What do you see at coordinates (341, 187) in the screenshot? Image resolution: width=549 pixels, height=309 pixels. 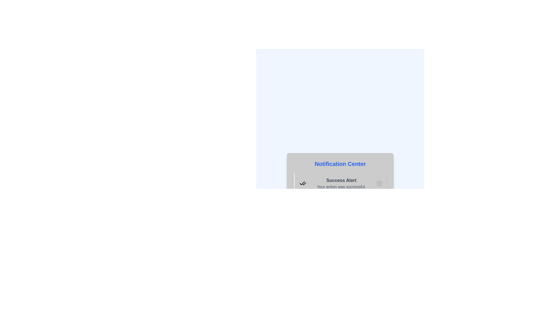 I see `feedback text from the Text Label located below the 'Success Alert' title in the notification structure, confirming a successful action` at bounding box center [341, 187].